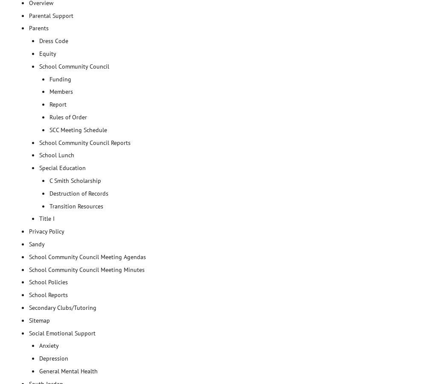 Image resolution: width=448 pixels, height=384 pixels. I want to click on 'Transition Resources', so click(49, 206).